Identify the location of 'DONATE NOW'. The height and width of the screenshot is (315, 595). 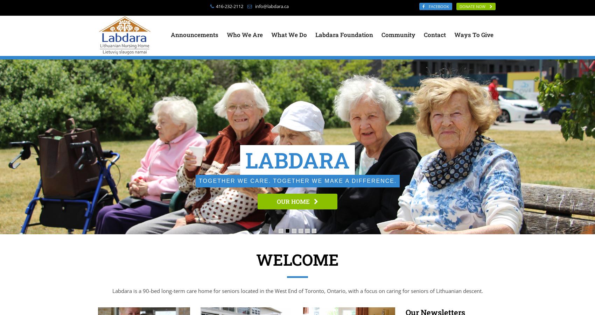
(474, 6).